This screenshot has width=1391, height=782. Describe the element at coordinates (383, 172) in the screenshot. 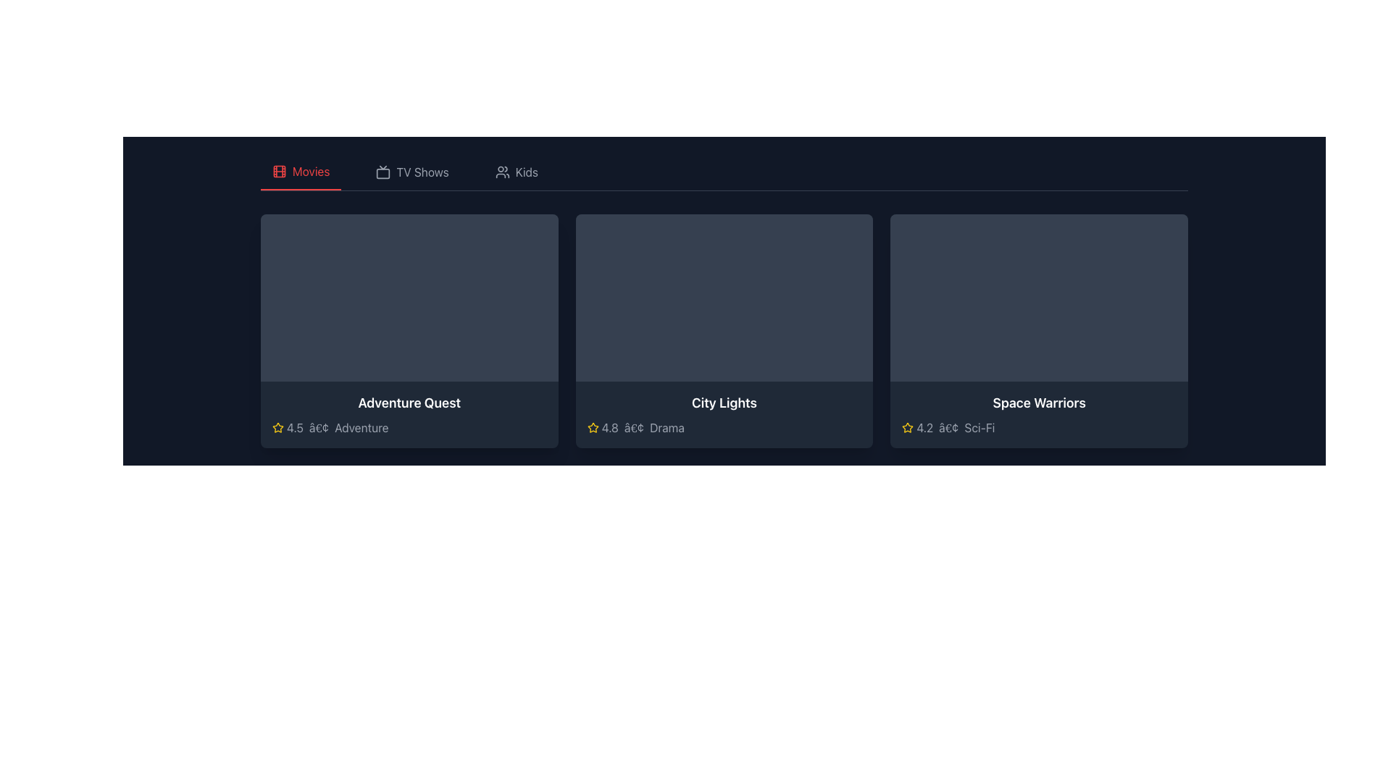

I see `the TV Shows icon located in the top navigation bar, which visually reinforces the theme of the 'TV Shows' button and is positioned to the left of the text 'TV Shows'` at that location.